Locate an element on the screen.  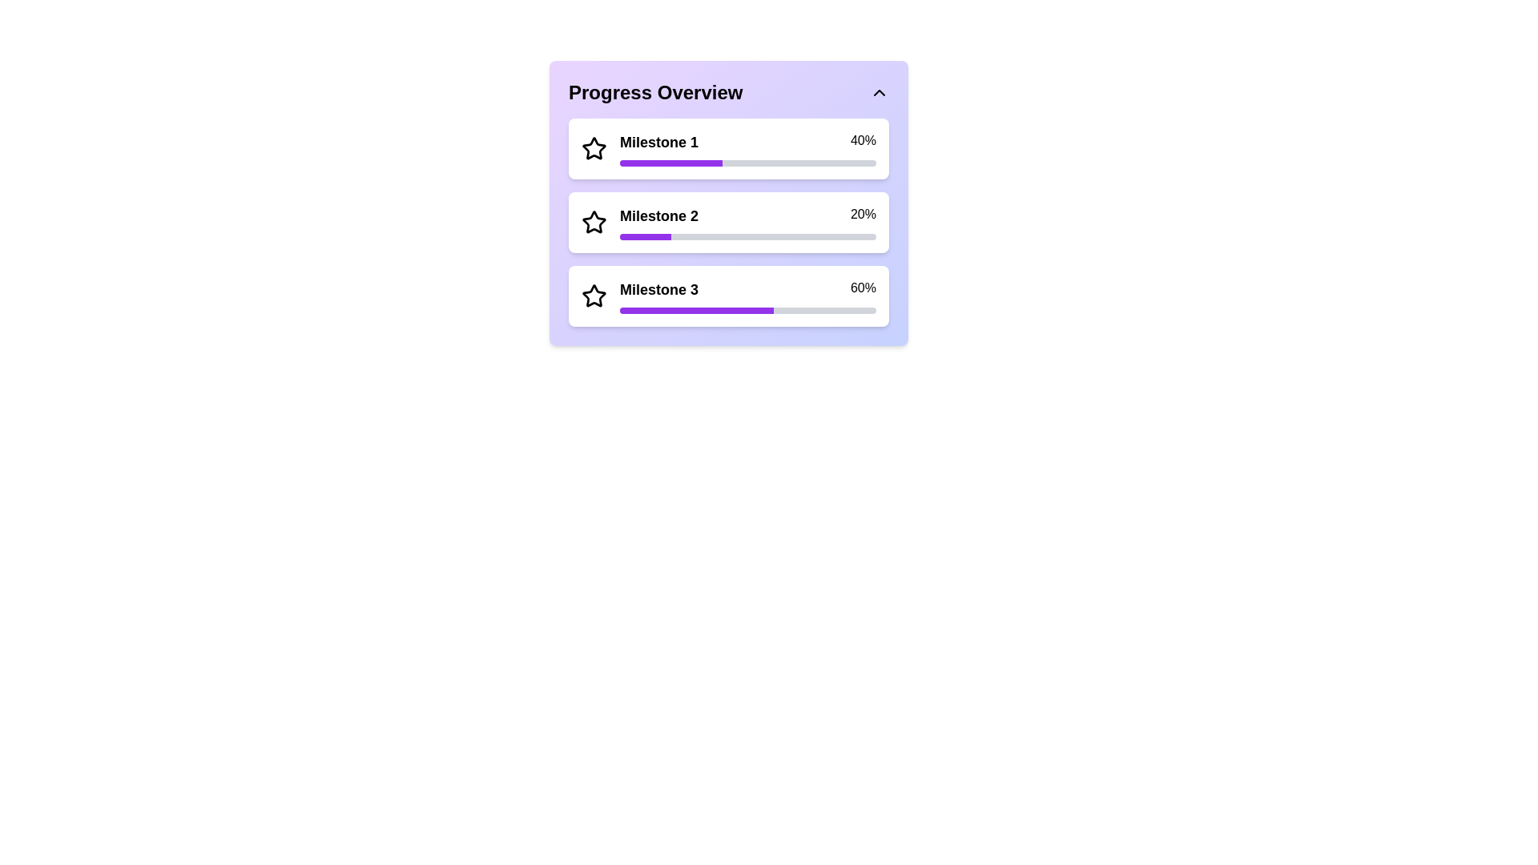
the progress bar that visually indicates 20% completion, located under the 'Milestone 2' section in the middle card of the progress overview card list is located at coordinates (747, 237).